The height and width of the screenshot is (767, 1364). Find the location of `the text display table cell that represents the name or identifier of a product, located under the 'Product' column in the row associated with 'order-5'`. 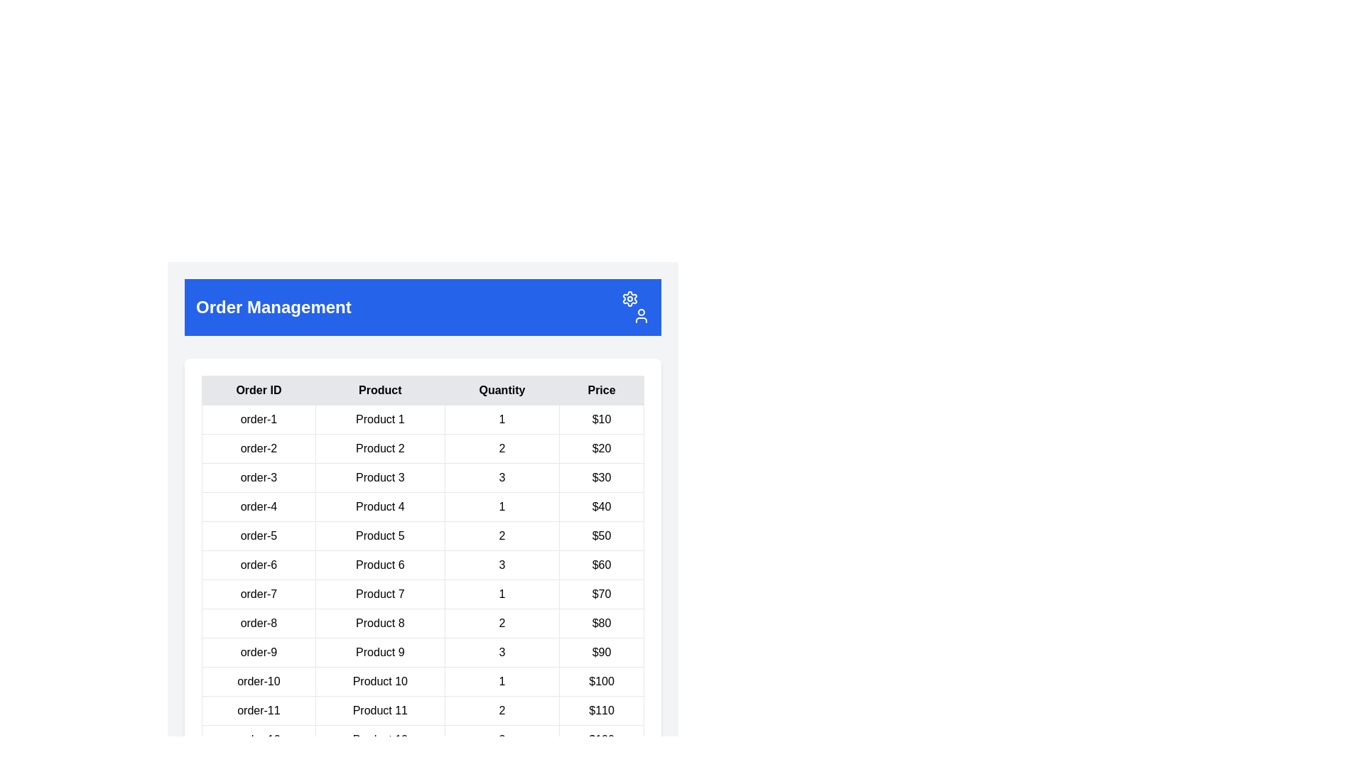

the text display table cell that represents the name or identifier of a product, located under the 'Product' column in the row associated with 'order-5' is located at coordinates (380, 536).